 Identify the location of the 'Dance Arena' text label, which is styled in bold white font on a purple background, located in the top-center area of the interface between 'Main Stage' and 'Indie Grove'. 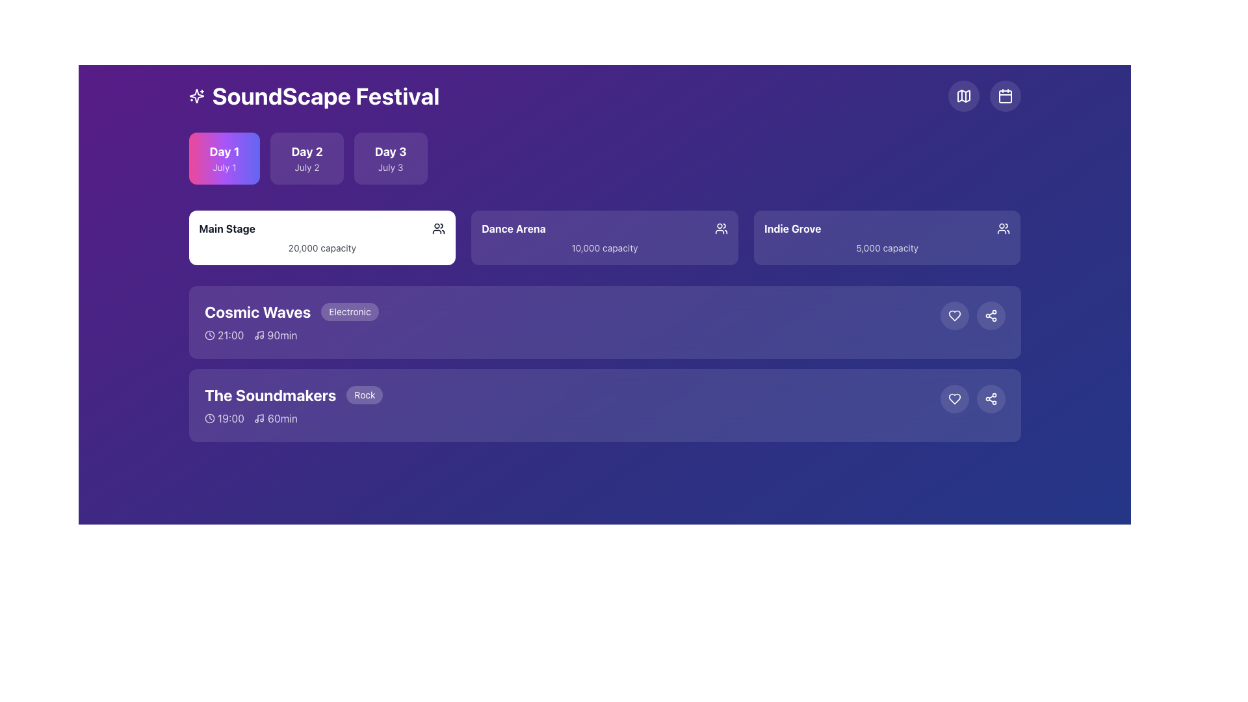
(513, 227).